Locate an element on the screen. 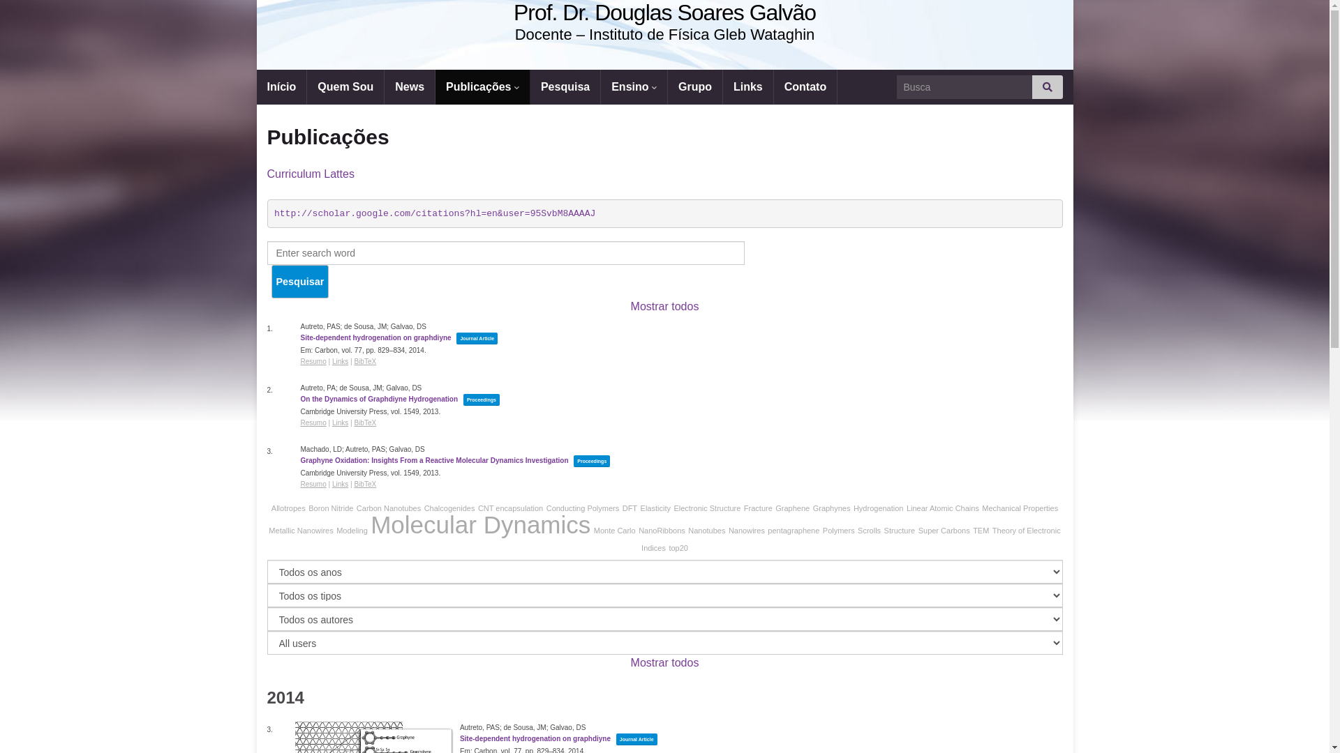 Image resolution: width=1340 pixels, height=753 pixels. 'Graphynes' is located at coordinates (813, 508).